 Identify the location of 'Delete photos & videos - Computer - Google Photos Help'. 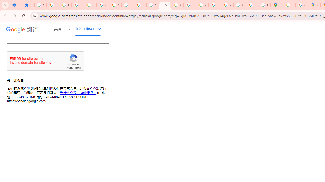
(53, 5).